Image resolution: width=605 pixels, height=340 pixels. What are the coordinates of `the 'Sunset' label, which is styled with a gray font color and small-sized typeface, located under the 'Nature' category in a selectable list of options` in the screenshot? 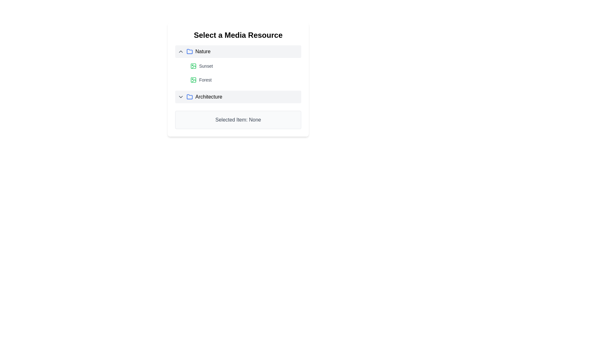 It's located at (206, 66).